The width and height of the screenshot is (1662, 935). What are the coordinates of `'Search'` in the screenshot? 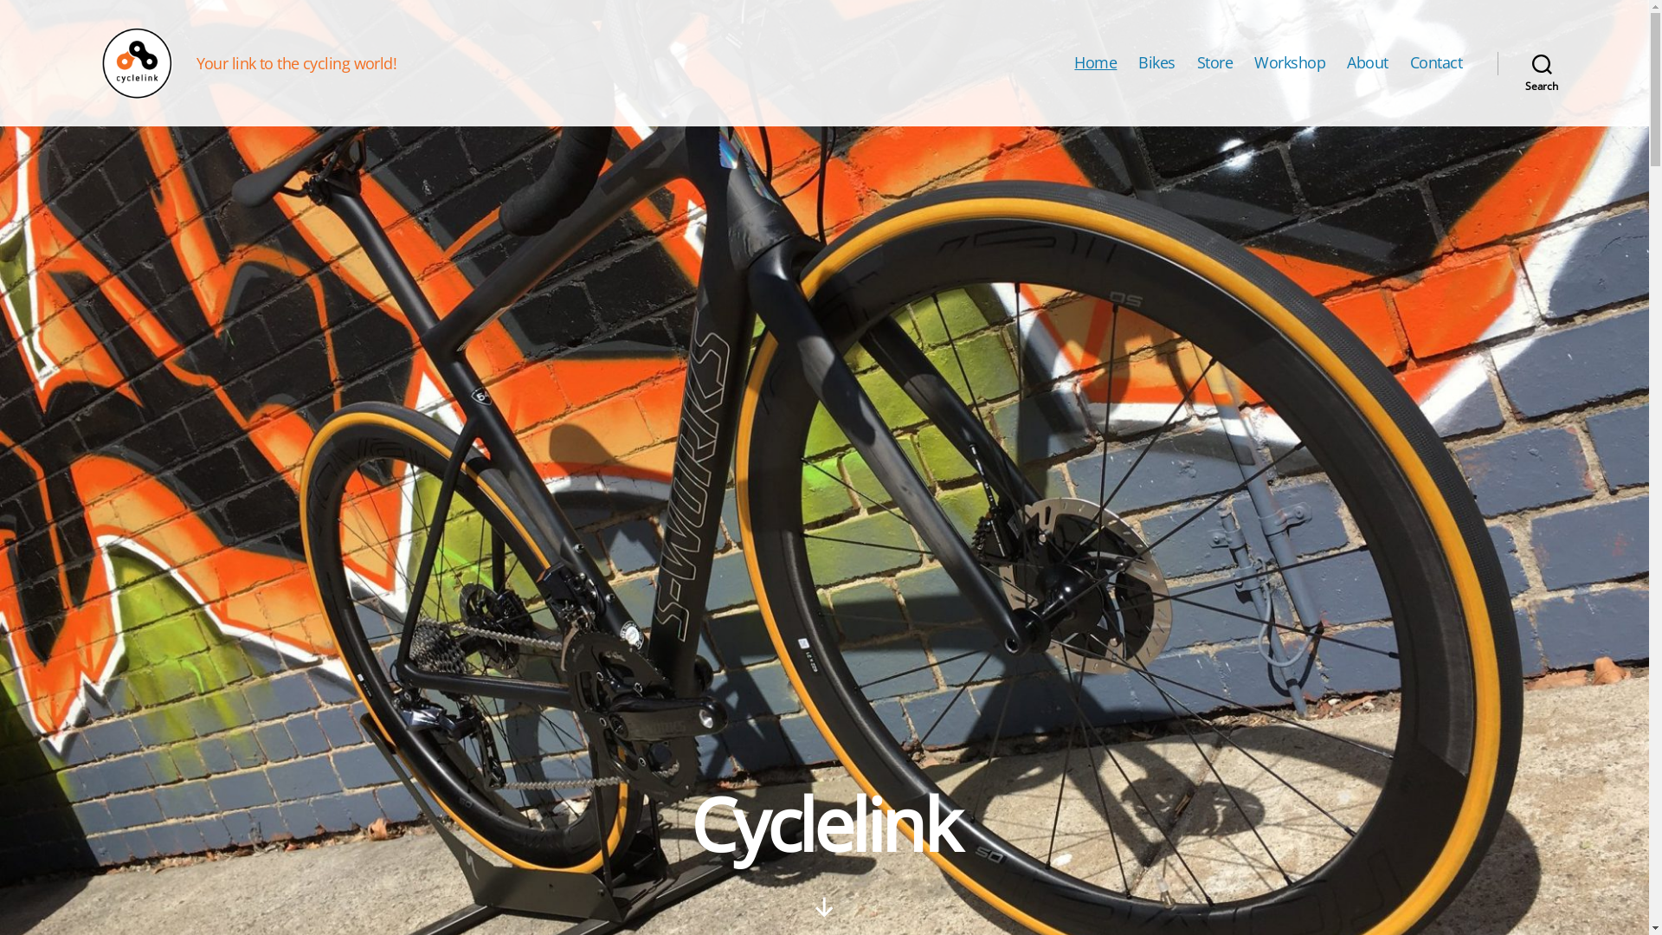 It's located at (1496, 62).